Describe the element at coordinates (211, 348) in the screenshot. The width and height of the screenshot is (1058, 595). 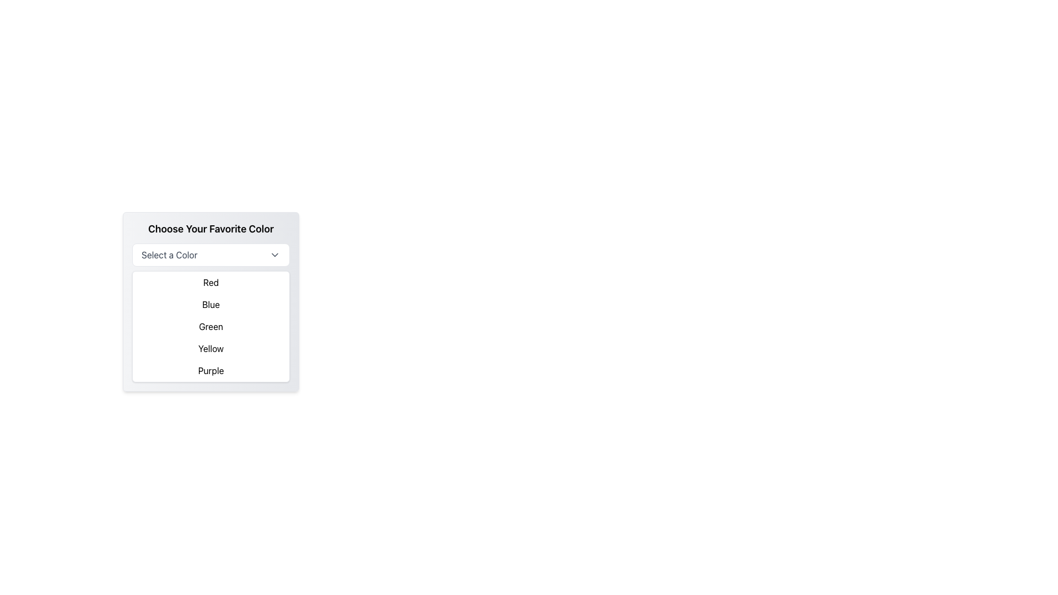
I see `the 'Yellow' list item in the dropdown menu` at that location.